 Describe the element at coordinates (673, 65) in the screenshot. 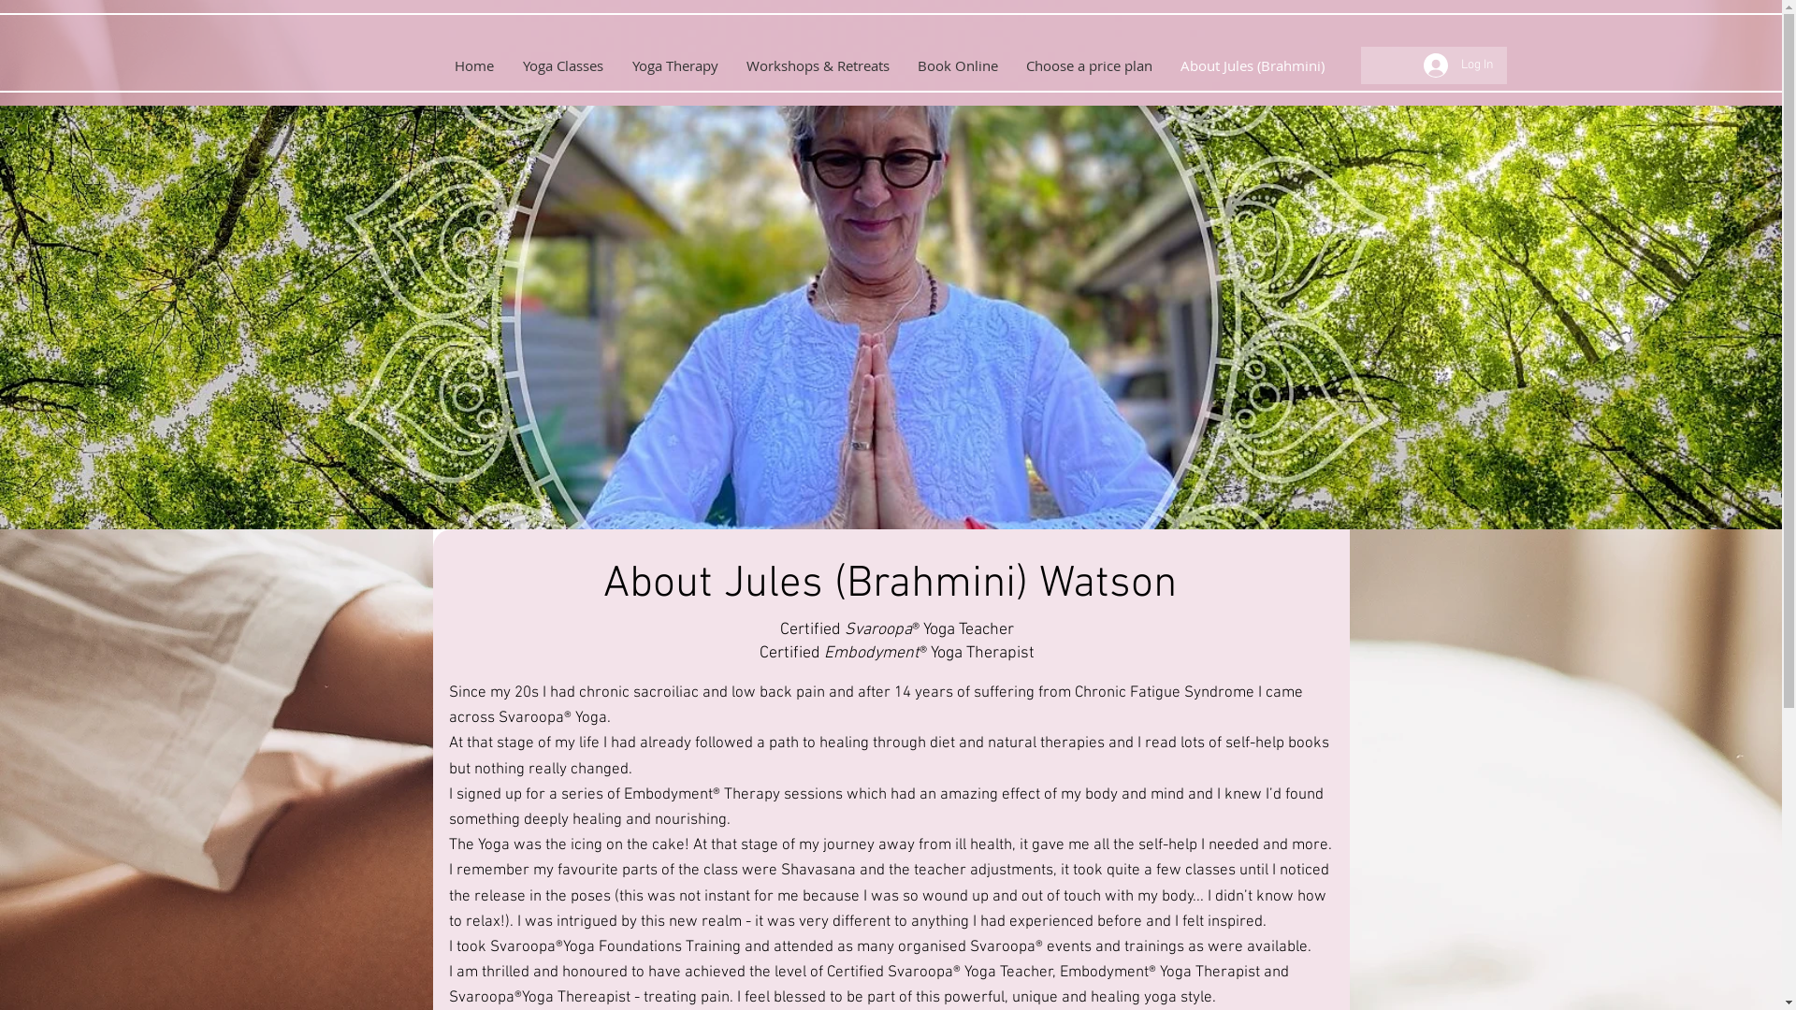

I see `'Yoga Therapy'` at that location.